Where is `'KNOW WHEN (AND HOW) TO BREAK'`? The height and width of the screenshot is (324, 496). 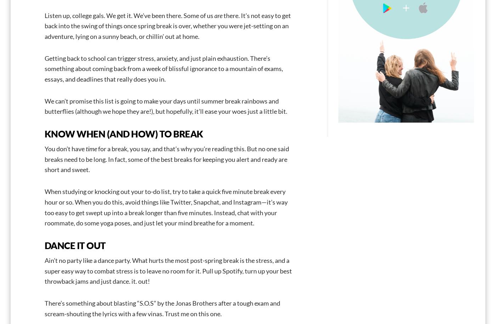 'KNOW WHEN (AND HOW) TO BREAK' is located at coordinates (45, 133).